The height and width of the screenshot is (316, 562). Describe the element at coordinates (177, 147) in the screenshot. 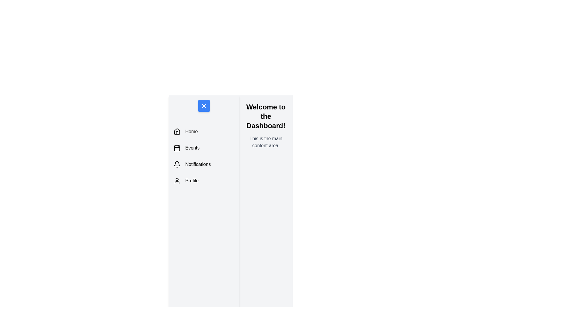

I see `the calendar icon` at that location.